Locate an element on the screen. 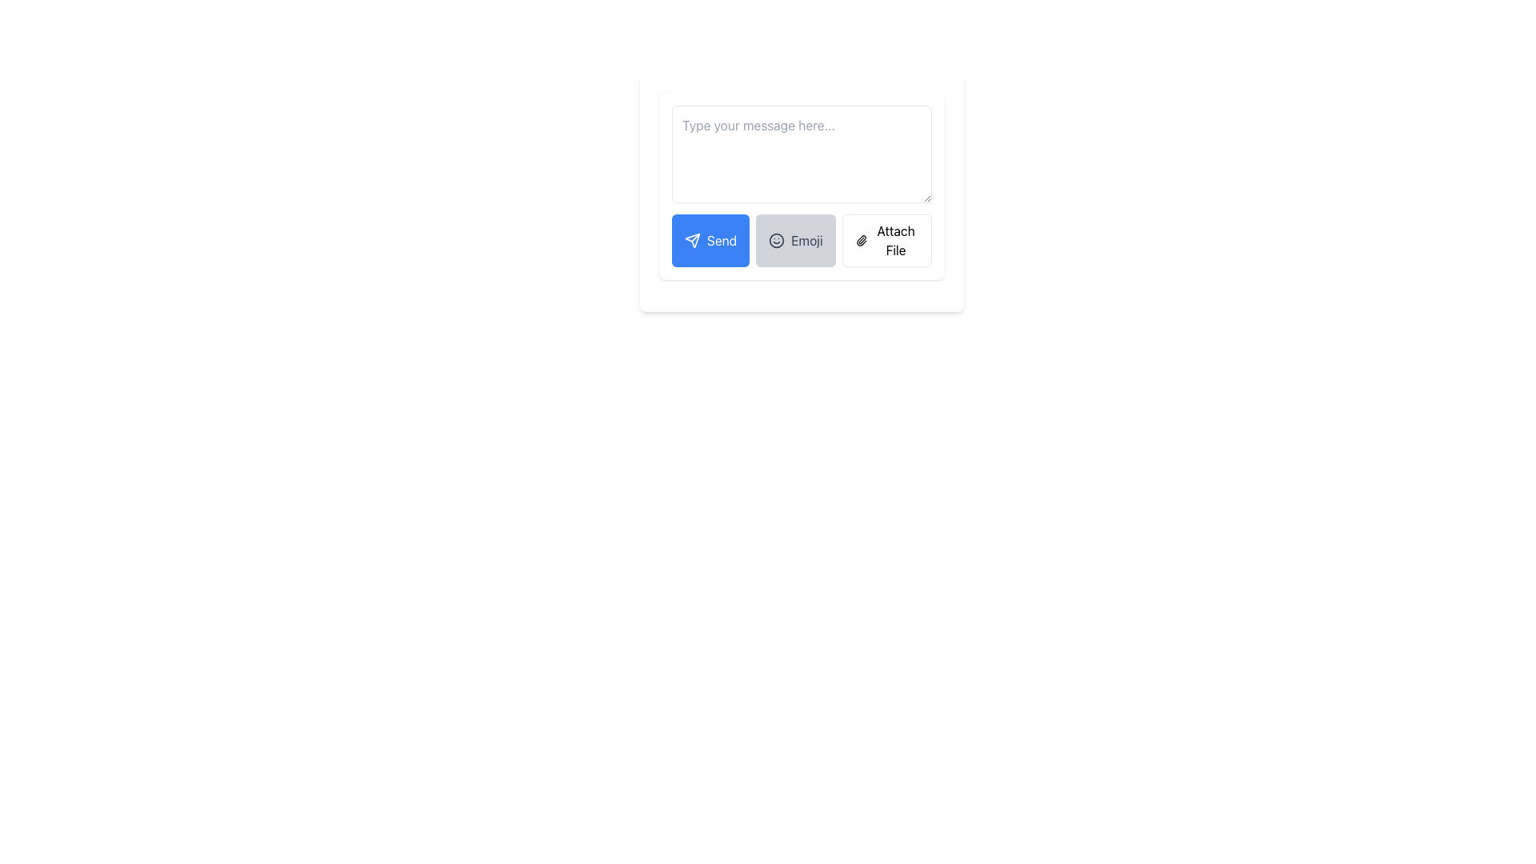 The width and height of the screenshot is (1536, 864). the circular smiley face icon located on the left side of the 'Emoji' button is located at coordinates (777, 240).